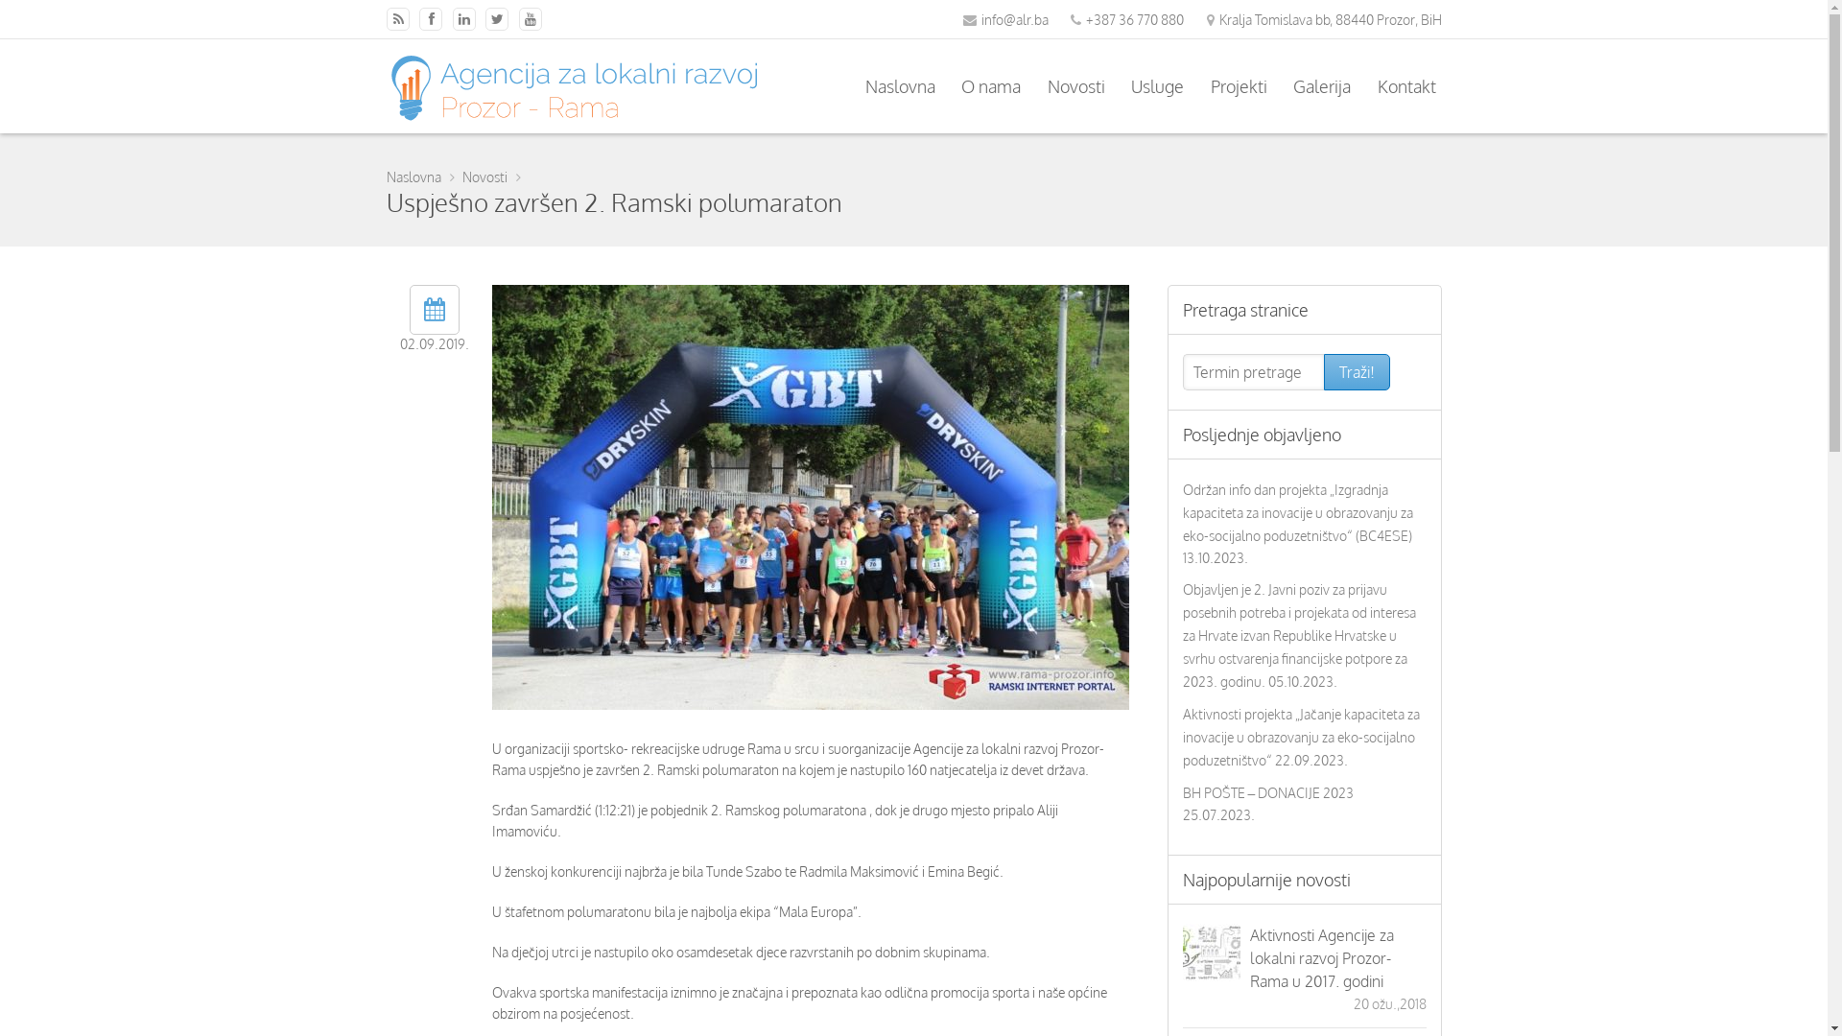  I want to click on 'Naslovna', so click(414, 177).